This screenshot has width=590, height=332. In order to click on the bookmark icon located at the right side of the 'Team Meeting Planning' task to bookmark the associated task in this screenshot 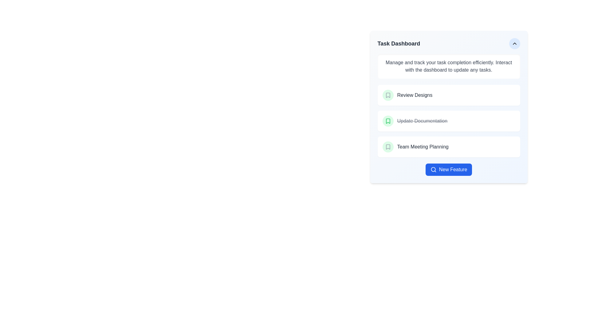, I will do `click(387, 147)`.